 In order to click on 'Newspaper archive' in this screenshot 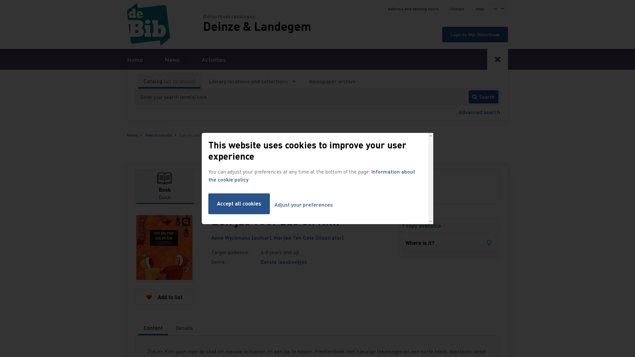, I will do `click(332, 81)`.